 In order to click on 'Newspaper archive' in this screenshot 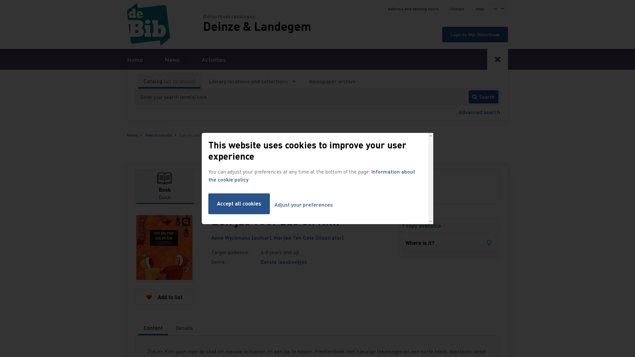, I will do `click(332, 81)`.